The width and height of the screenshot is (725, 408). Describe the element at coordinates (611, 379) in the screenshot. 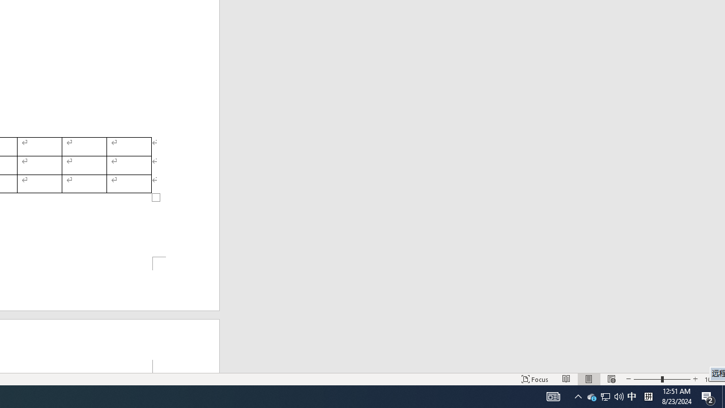

I see `'Web Layout'` at that location.